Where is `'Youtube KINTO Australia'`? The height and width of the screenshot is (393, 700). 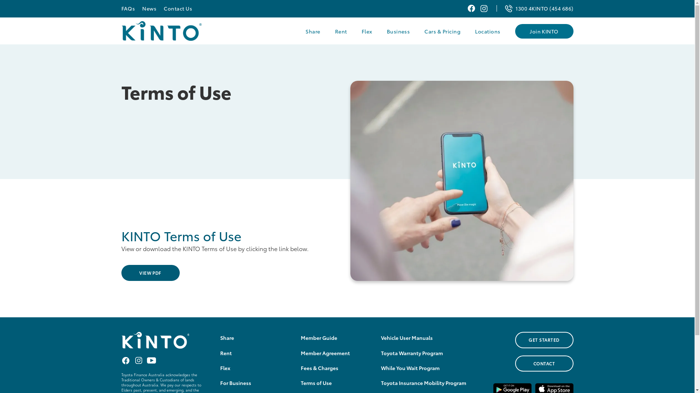 'Youtube KINTO Australia' is located at coordinates (151, 360).